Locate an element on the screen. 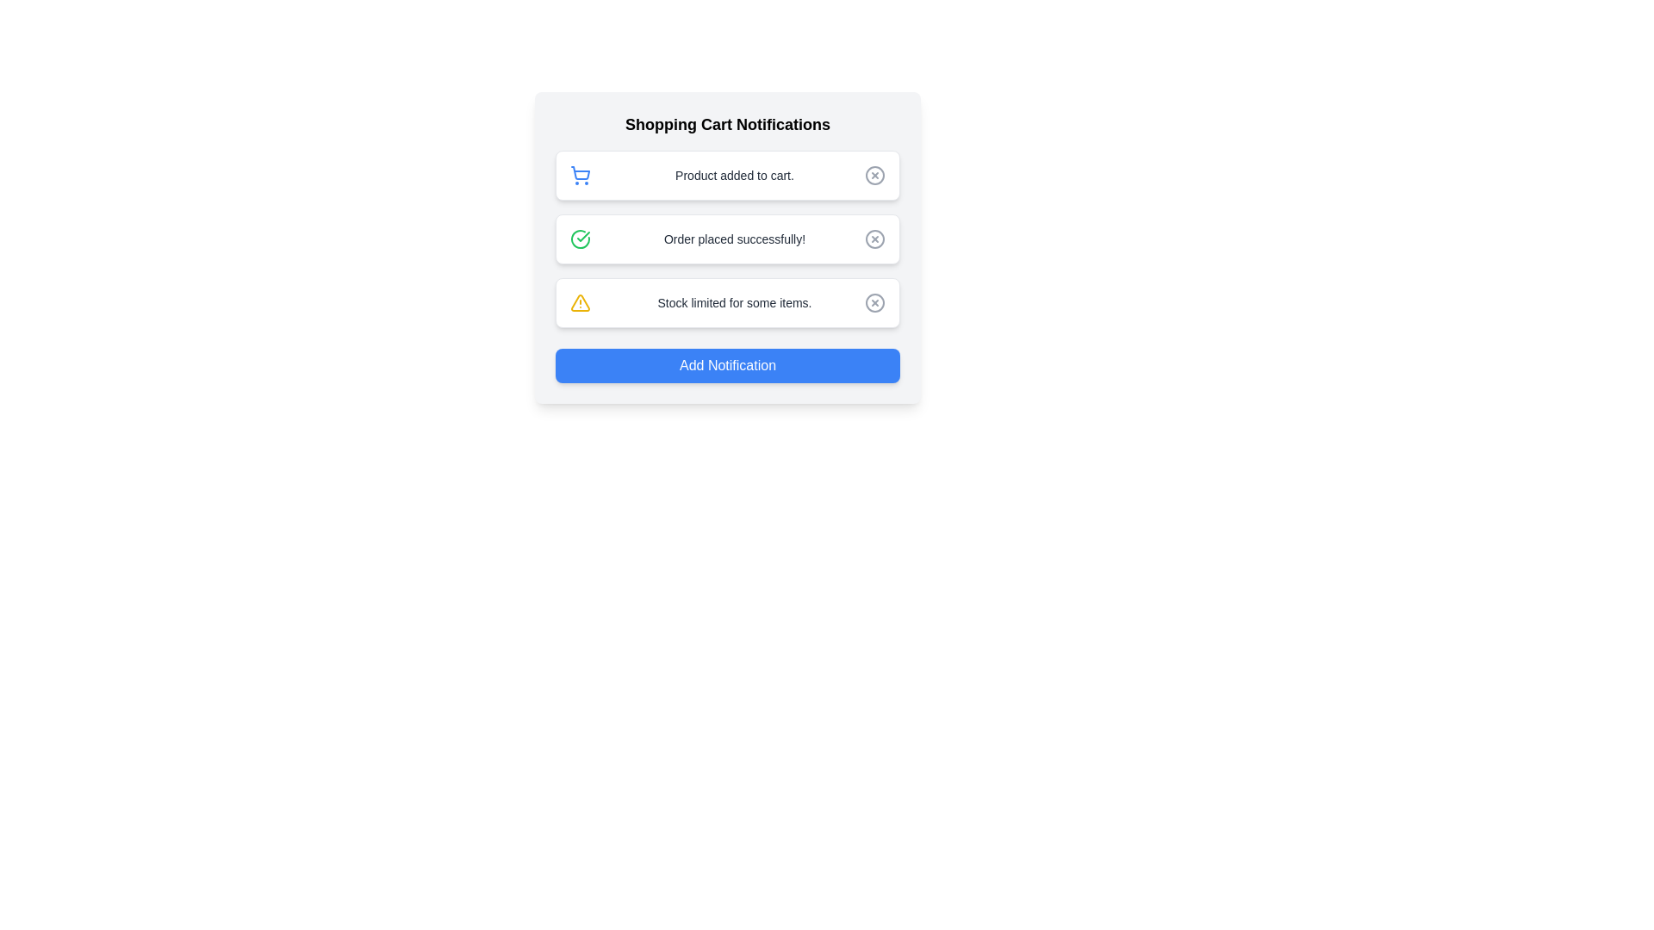 The height and width of the screenshot is (930, 1654). the graphical circle element representing the close action in the 'Order placed successfully!' notification is located at coordinates (875, 239).